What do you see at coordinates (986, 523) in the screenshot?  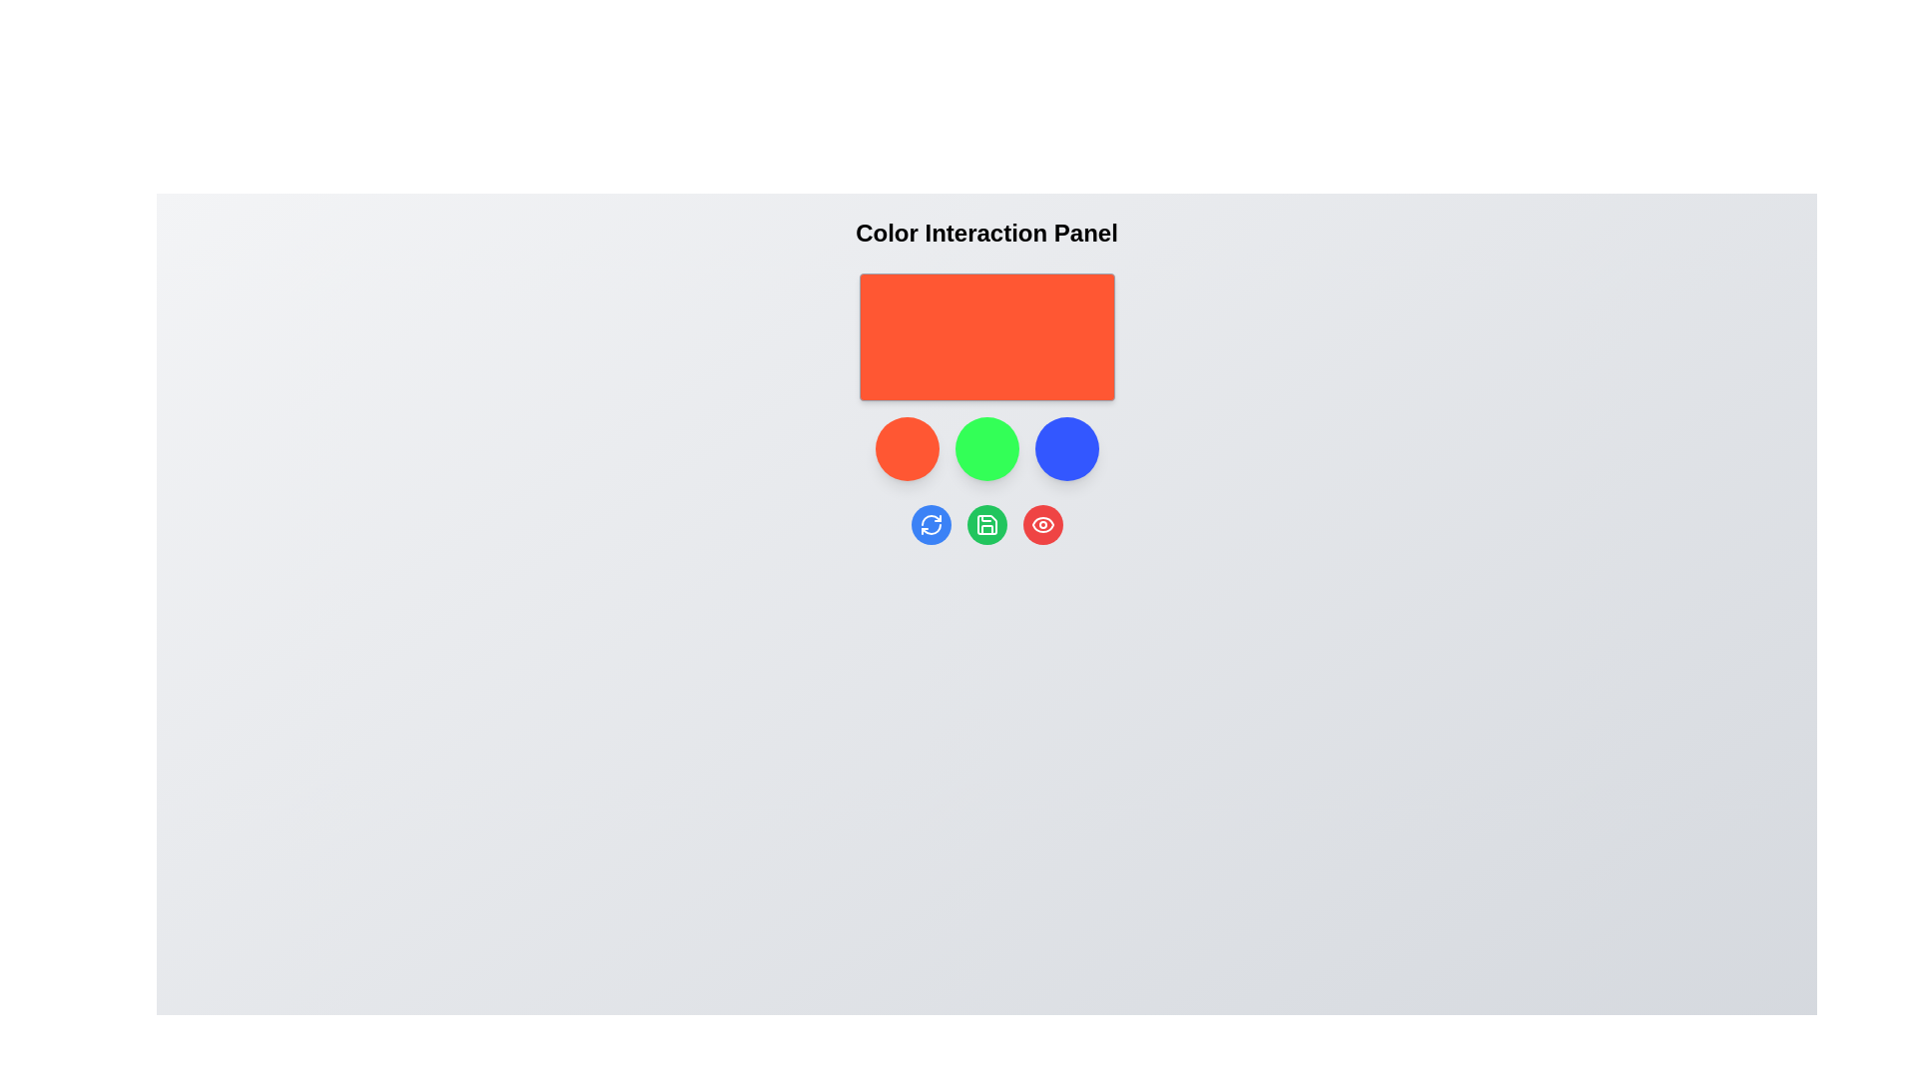 I see `the circular green button with a floppy disk icon located in the row of rounded icon buttons under the 'Color Interaction Panel'` at bounding box center [986, 523].